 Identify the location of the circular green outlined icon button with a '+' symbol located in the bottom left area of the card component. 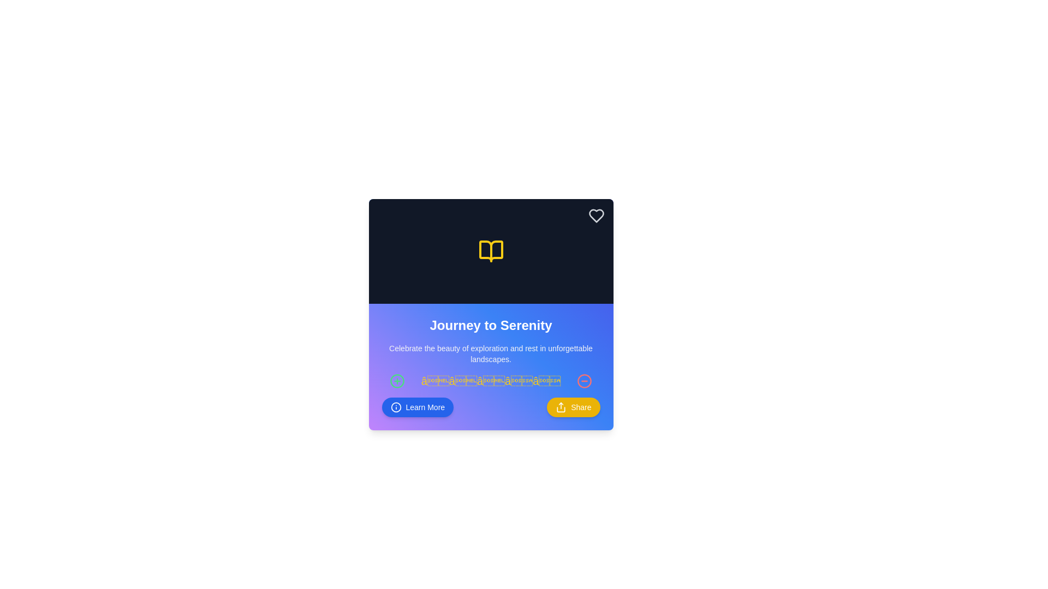
(397, 380).